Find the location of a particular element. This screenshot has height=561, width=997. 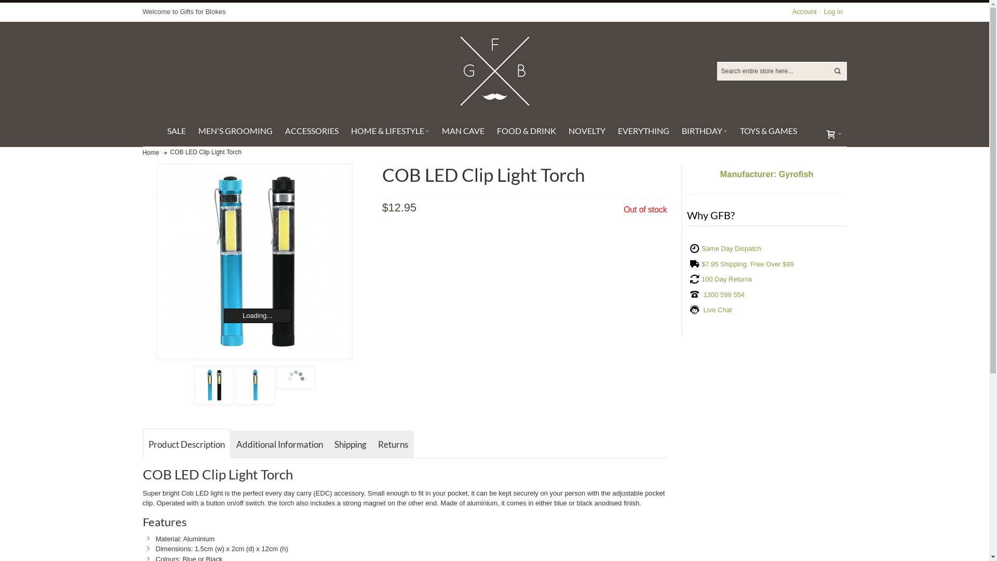

'100 Day Returns' is located at coordinates (701, 278).